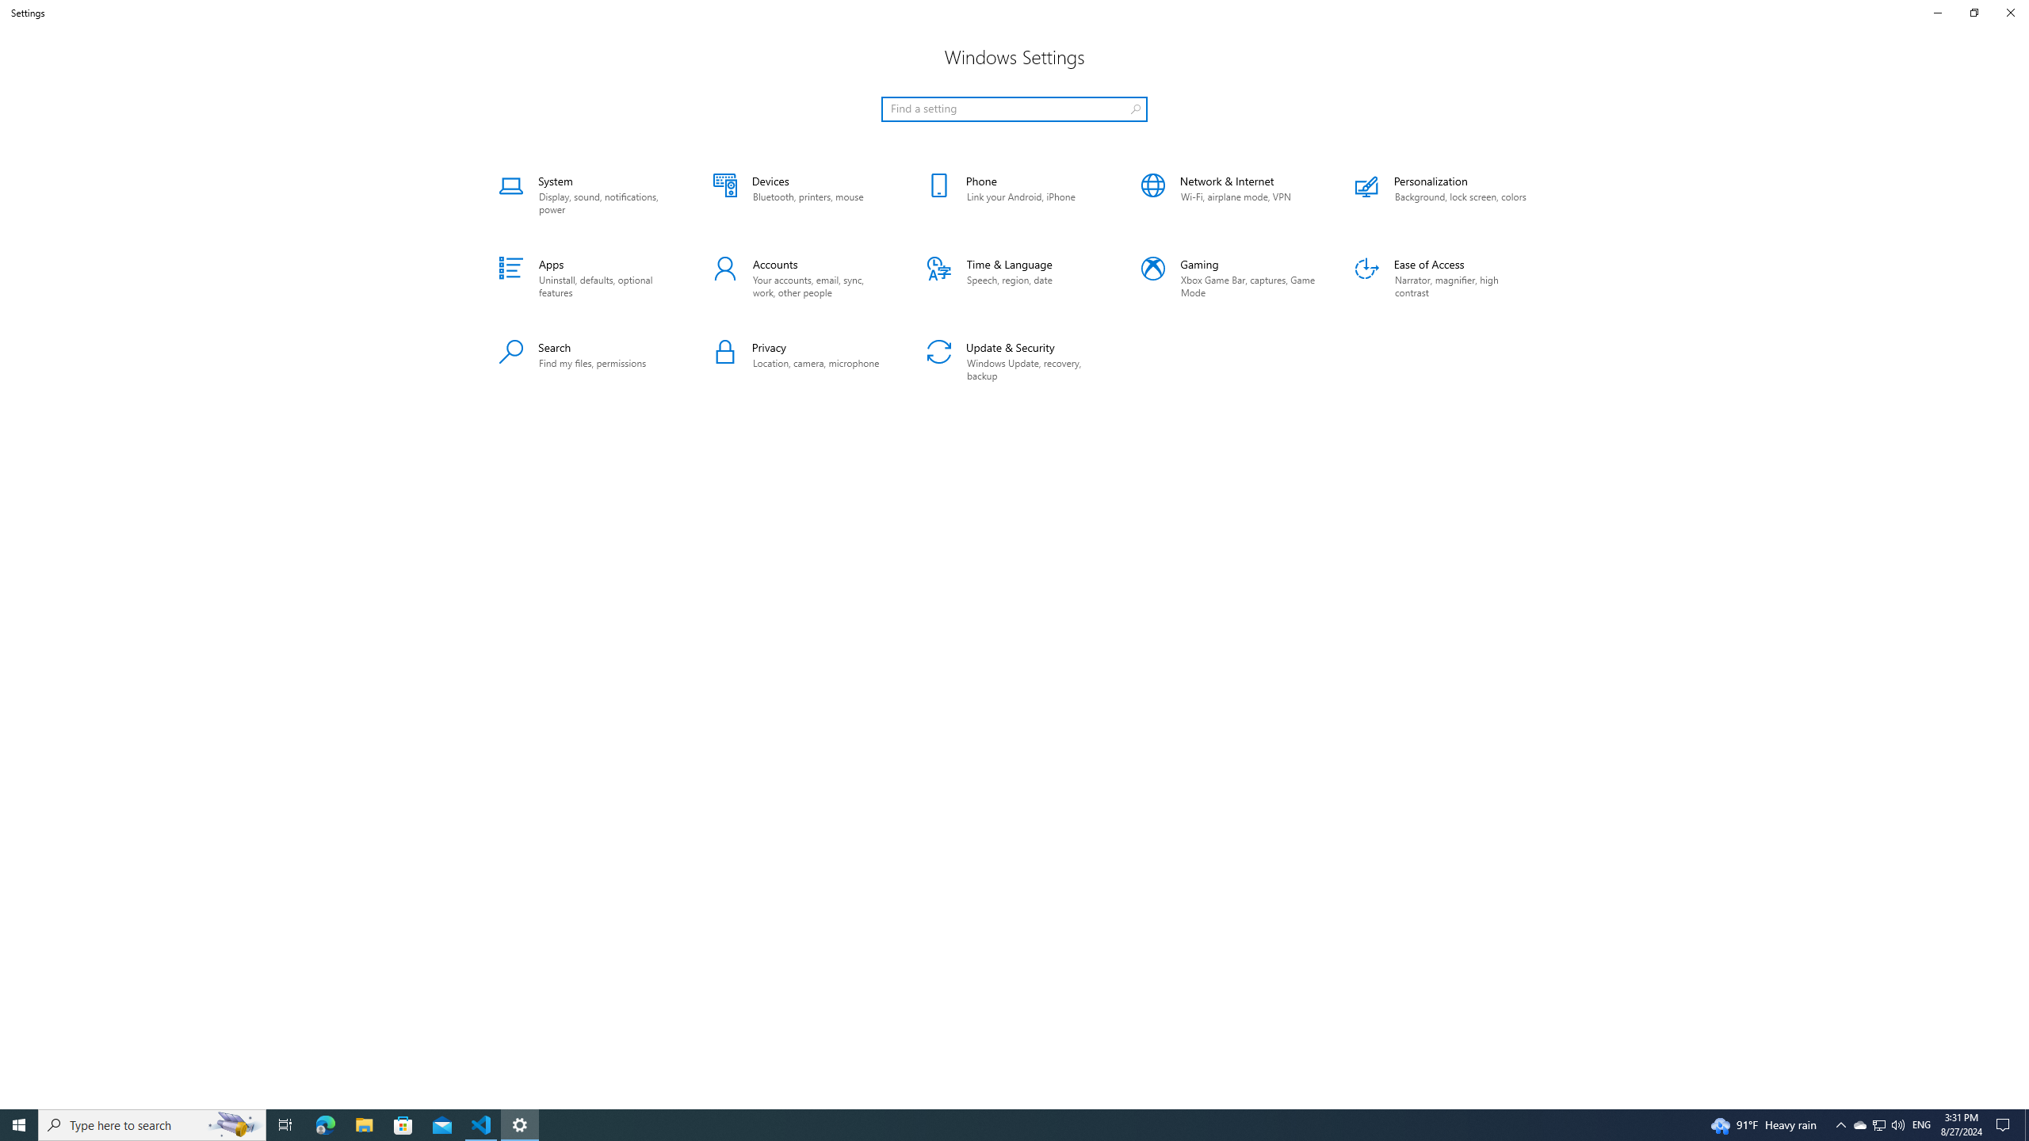  I want to click on 'Search', so click(585, 361).